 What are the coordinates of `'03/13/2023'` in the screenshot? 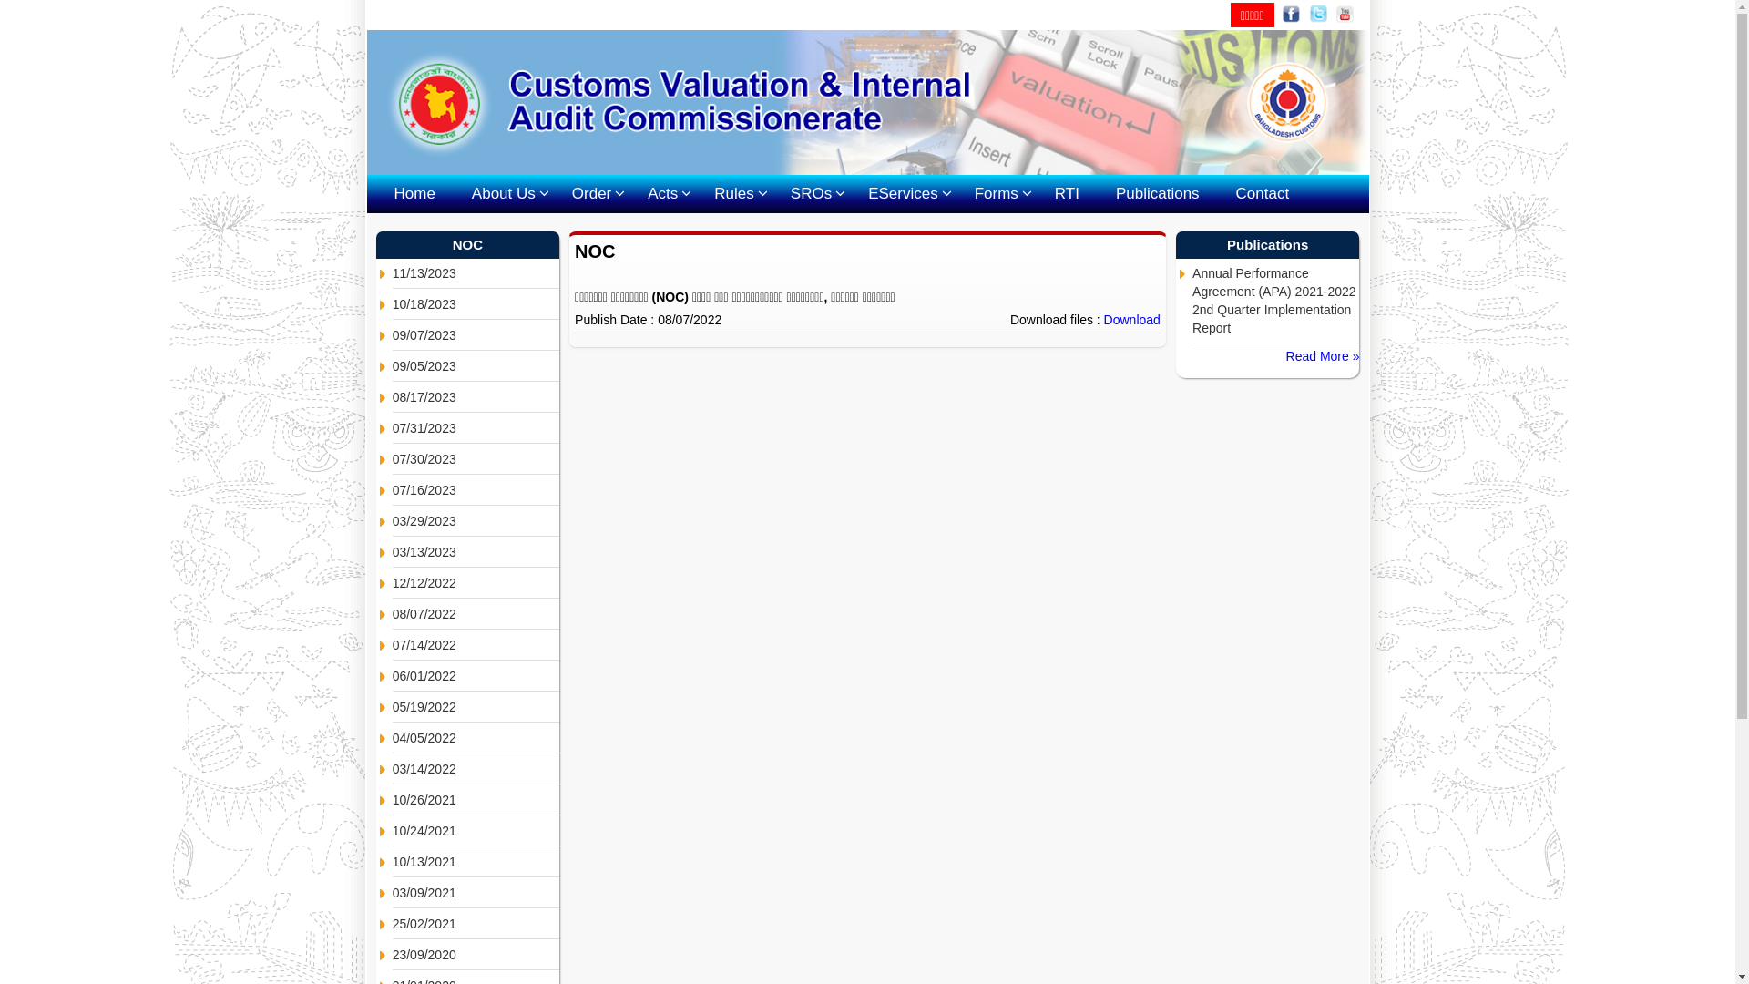 It's located at (476, 551).